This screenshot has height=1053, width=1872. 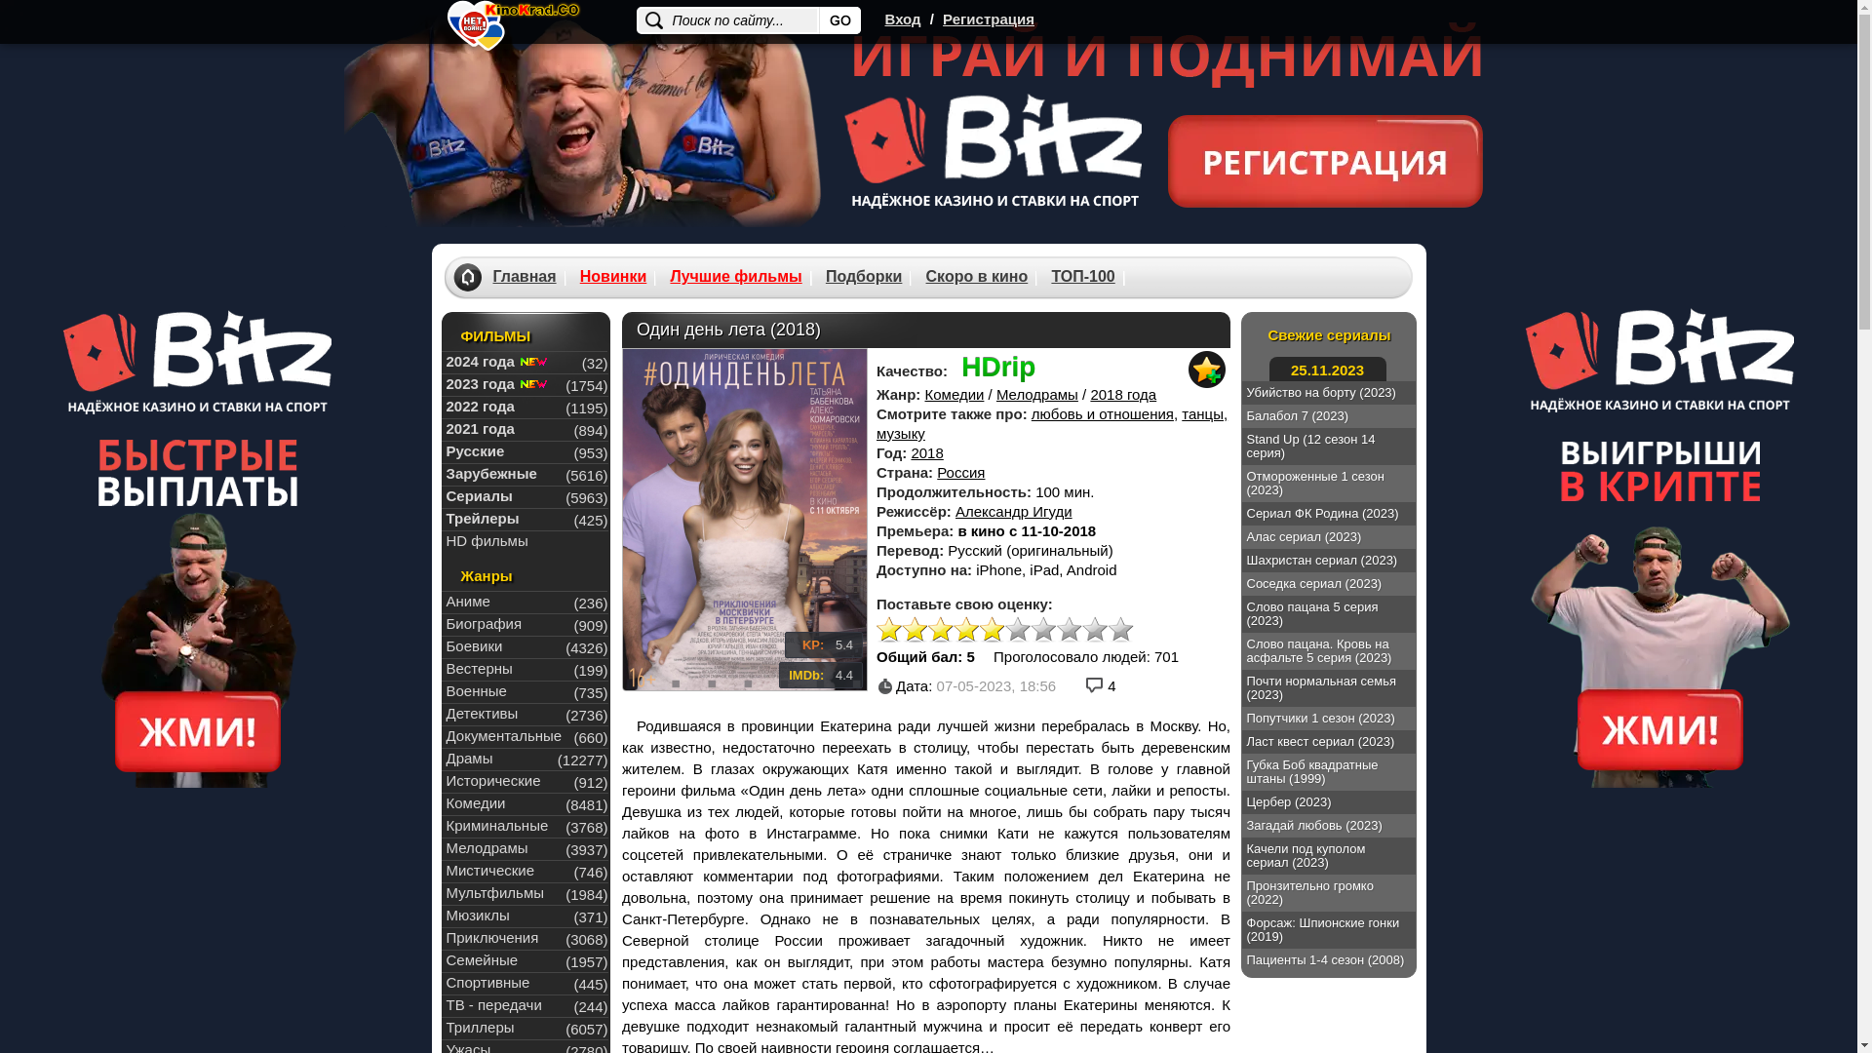 What do you see at coordinates (1080, 629) in the screenshot?
I see `'9'` at bounding box center [1080, 629].